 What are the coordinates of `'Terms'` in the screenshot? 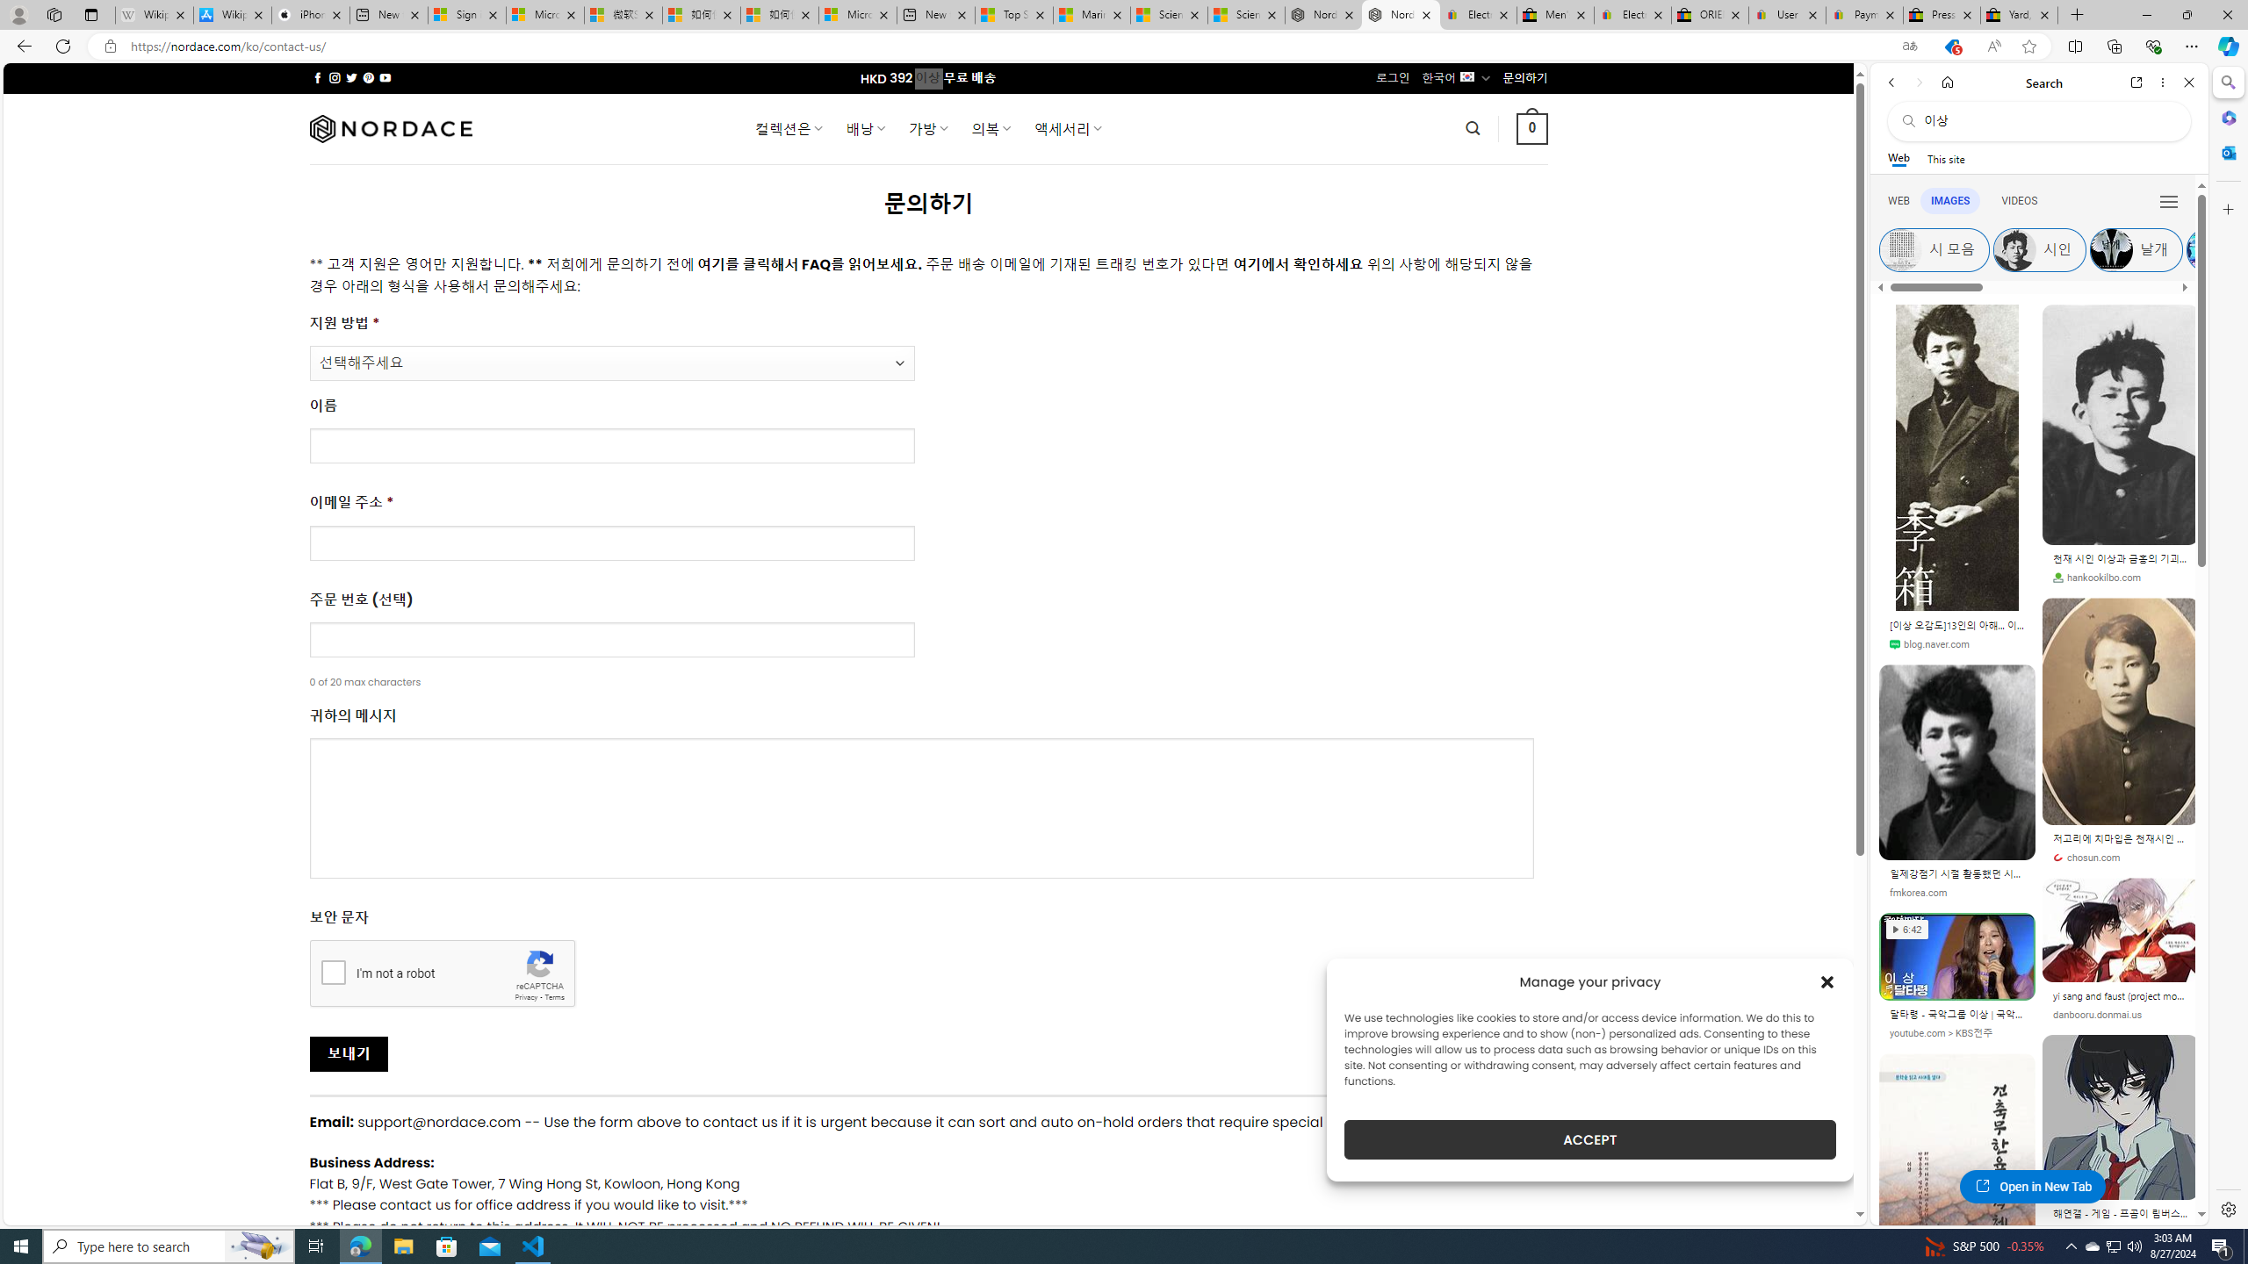 It's located at (554, 996).